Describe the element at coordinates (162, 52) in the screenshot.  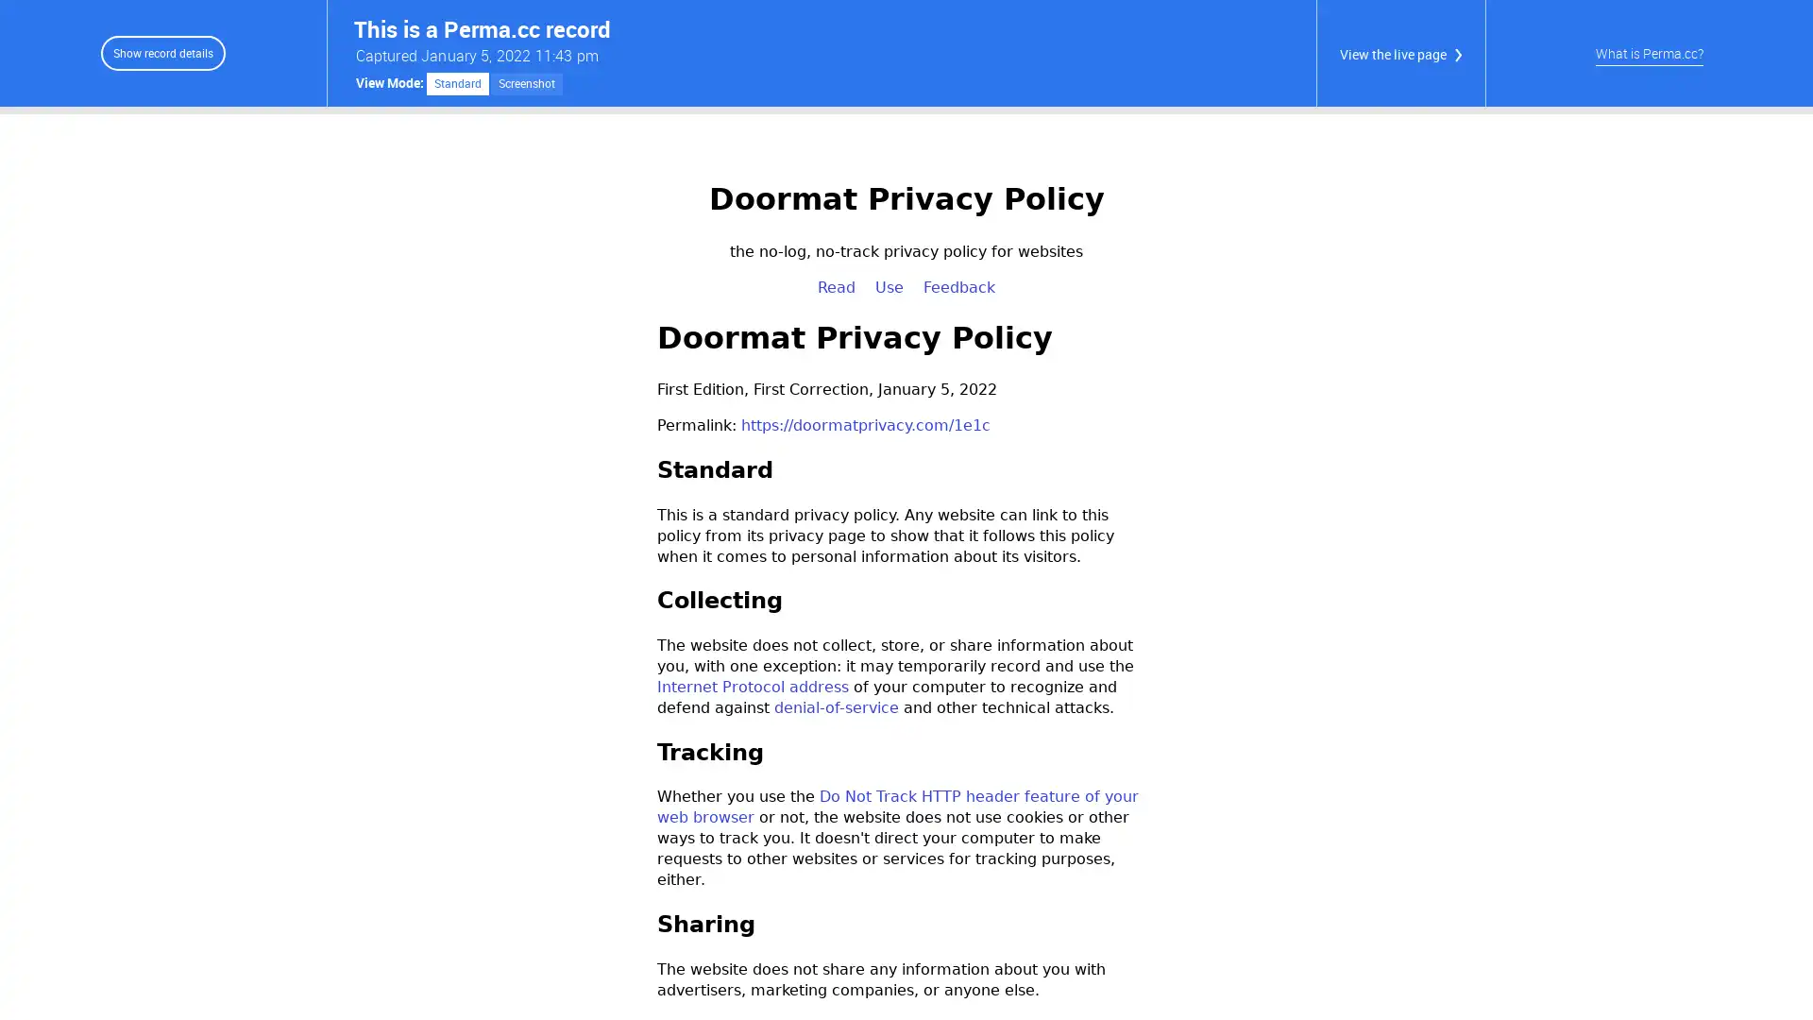
I see `Show record details` at that location.